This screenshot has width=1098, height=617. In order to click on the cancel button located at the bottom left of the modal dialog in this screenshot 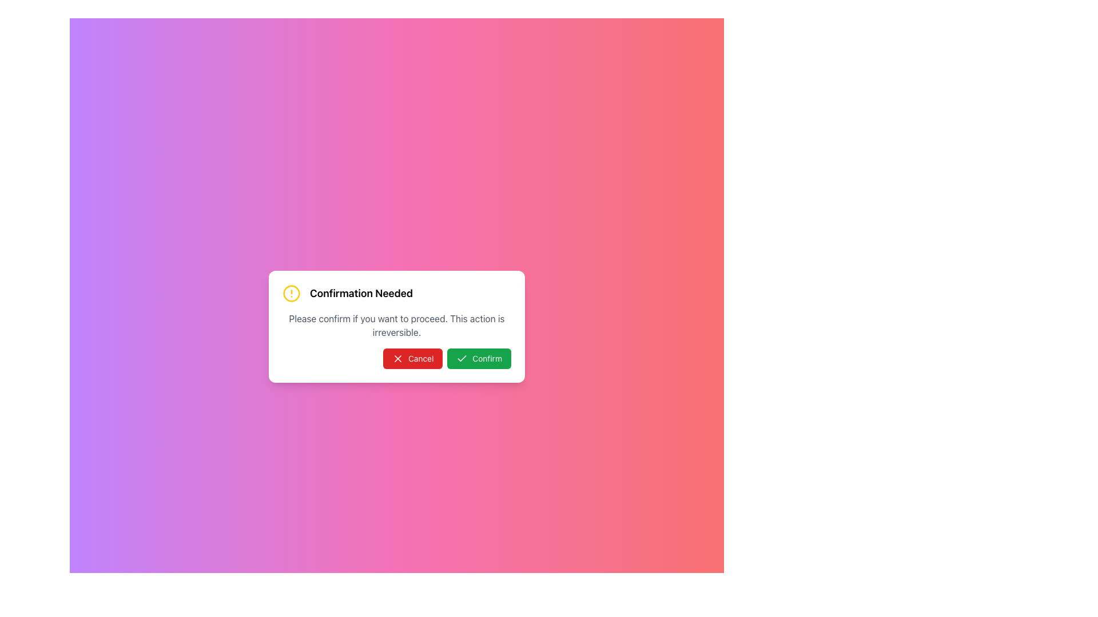, I will do `click(412, 358)`.